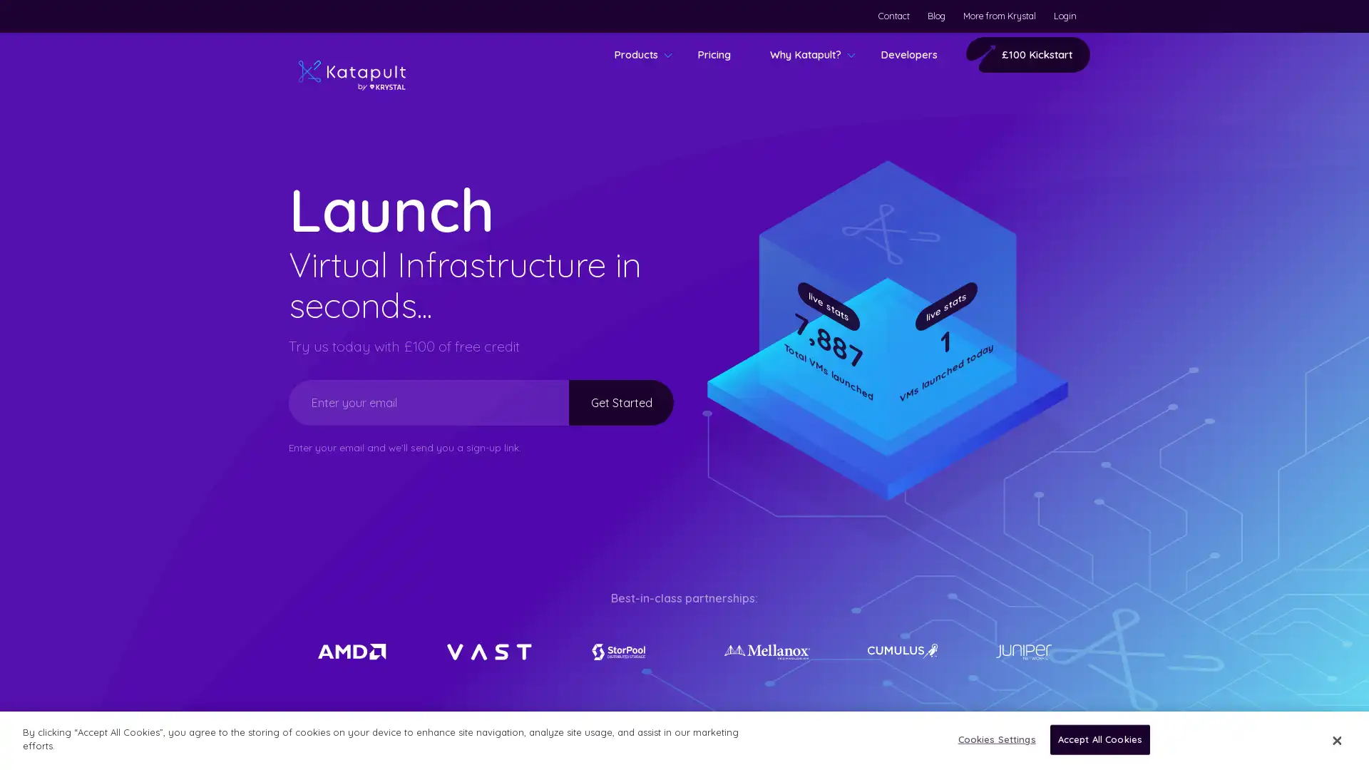  Describe the element at coordinates (608, 401) in the screenshot. I see `Get Started` at that location.